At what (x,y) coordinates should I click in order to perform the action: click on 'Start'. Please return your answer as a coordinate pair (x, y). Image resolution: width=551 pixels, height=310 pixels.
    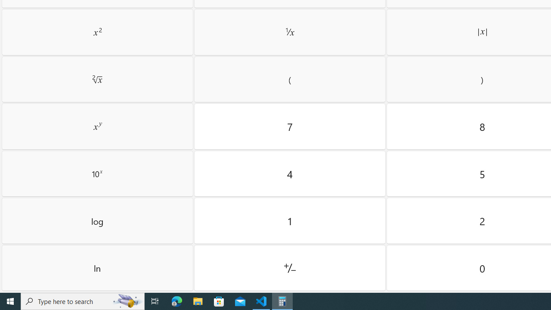
    Looking at the image, I should click on (10, 301).